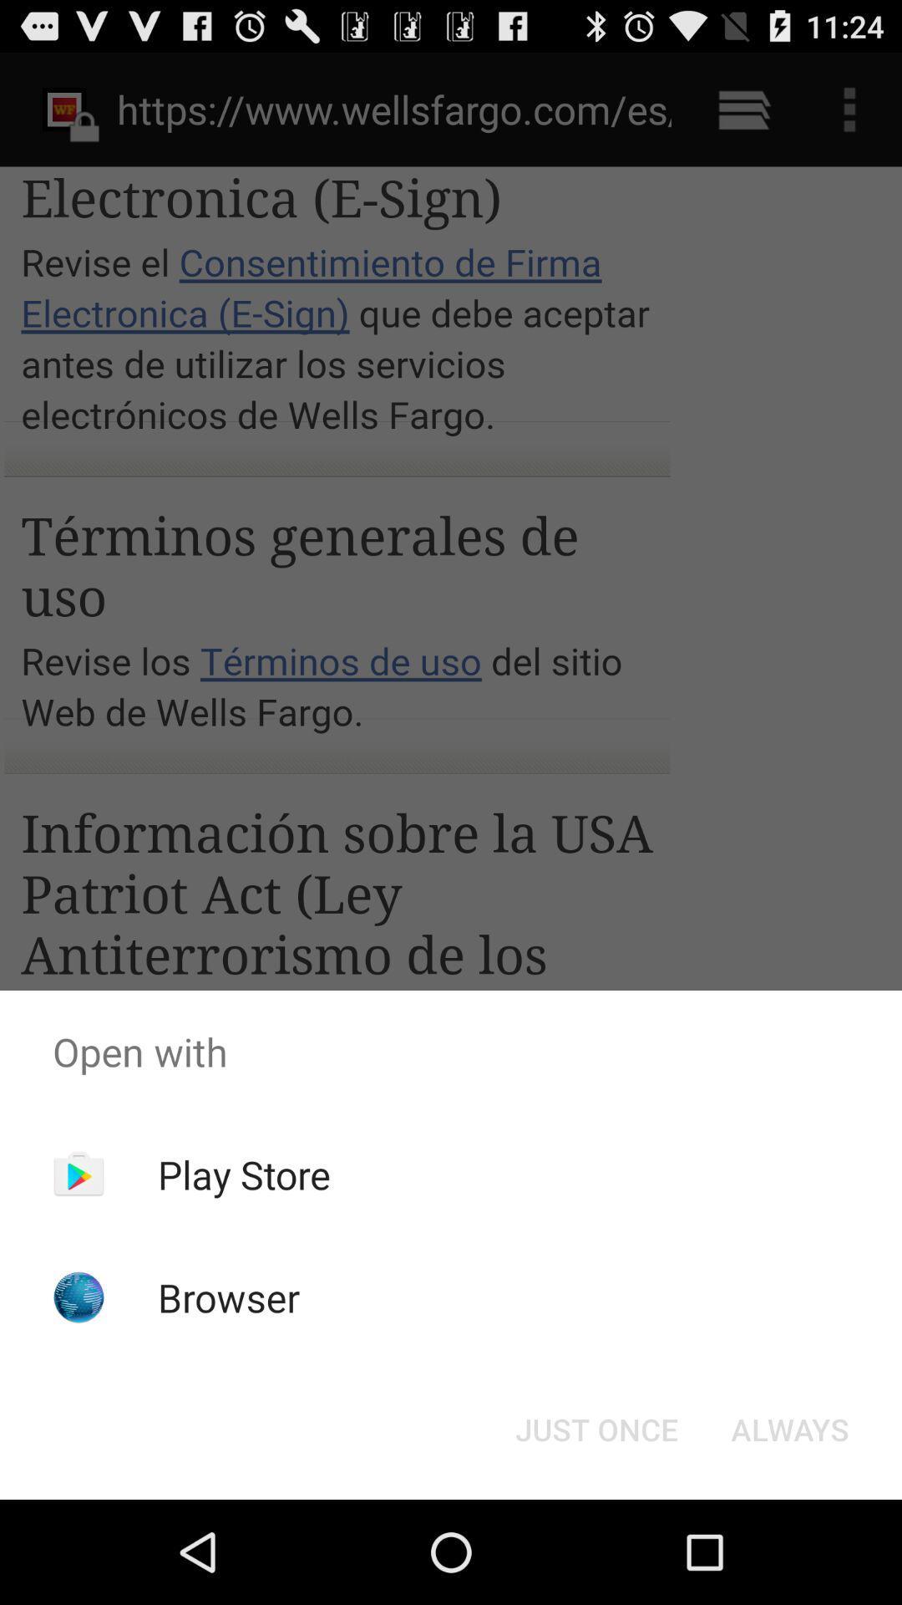 The image size is (902, 1605). Describe the element at coordinates (789, 1428) in the screenshot. I see `item next to just once icon` at that location.